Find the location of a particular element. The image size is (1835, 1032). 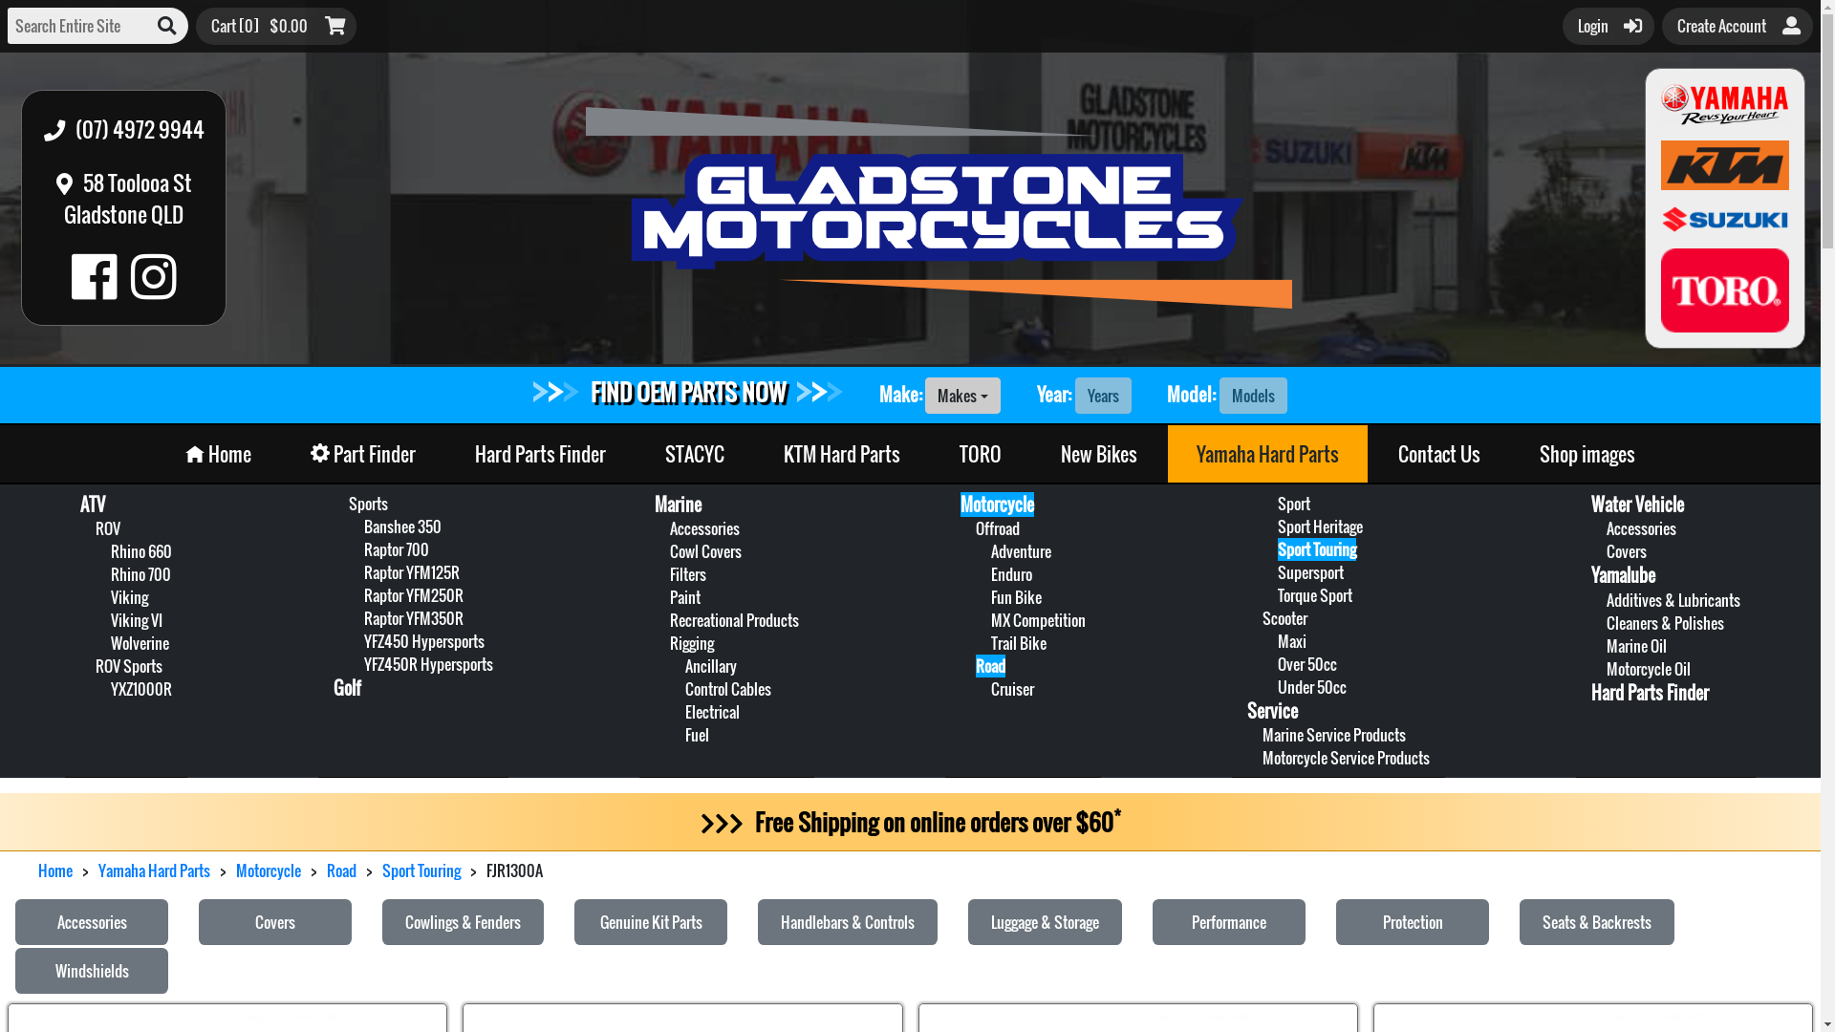

'Performance' is located at coordinates (1229, 920).